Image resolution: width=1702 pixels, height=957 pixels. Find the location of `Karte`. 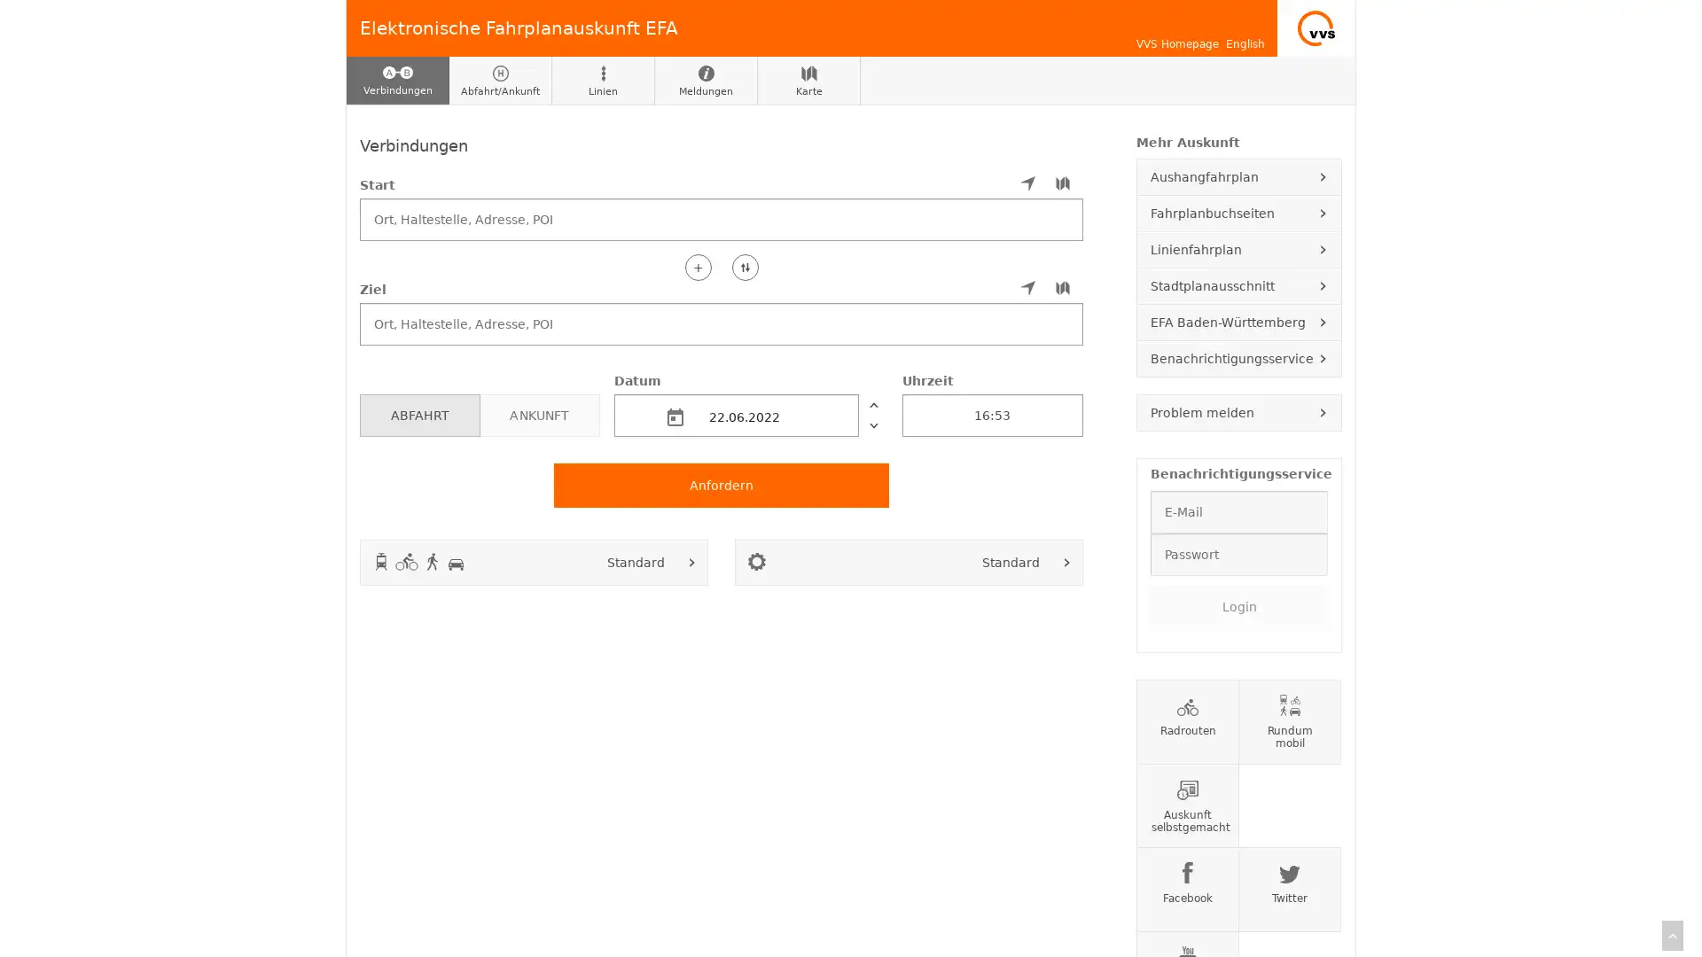

Karte is located at coordinates (808, 81).